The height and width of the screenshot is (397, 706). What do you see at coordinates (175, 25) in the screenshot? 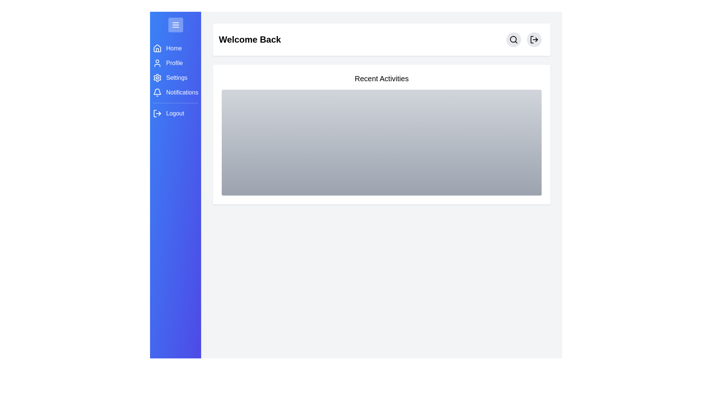
I see `the menu toggle button located at the top of the vertically aligned sidebar` at bounding box center [175, 25].